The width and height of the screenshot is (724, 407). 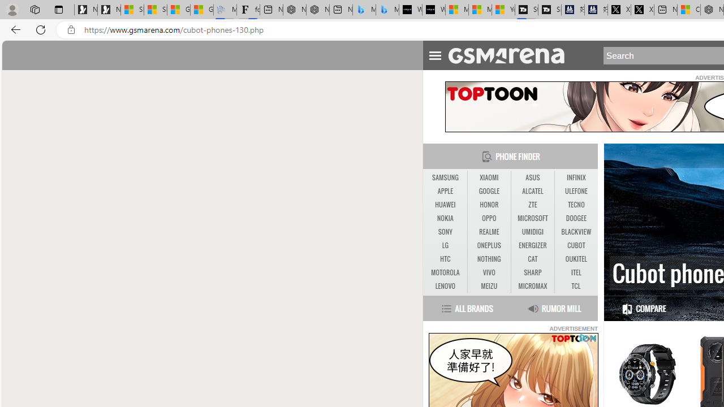 I want to click on 'ONEPLUS', so click(x=489, y=245).